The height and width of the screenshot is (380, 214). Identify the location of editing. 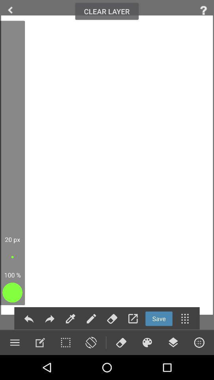
(91, 319).